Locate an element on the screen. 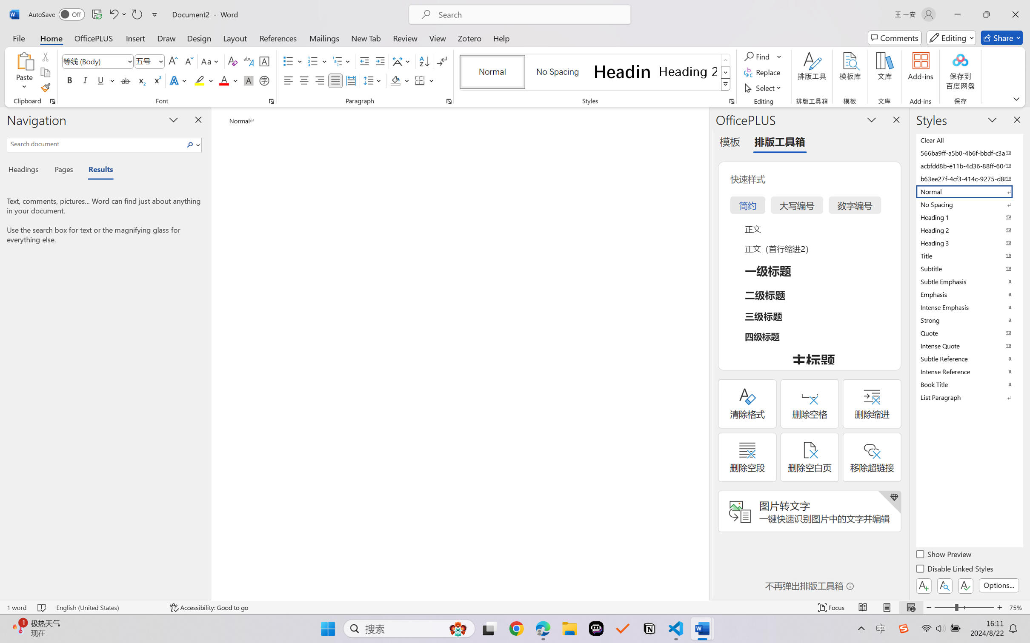 This screenshot has height=643, width=1030. 'Shading RGB(0, 0, 0)' is located at coordinates (395, 80).